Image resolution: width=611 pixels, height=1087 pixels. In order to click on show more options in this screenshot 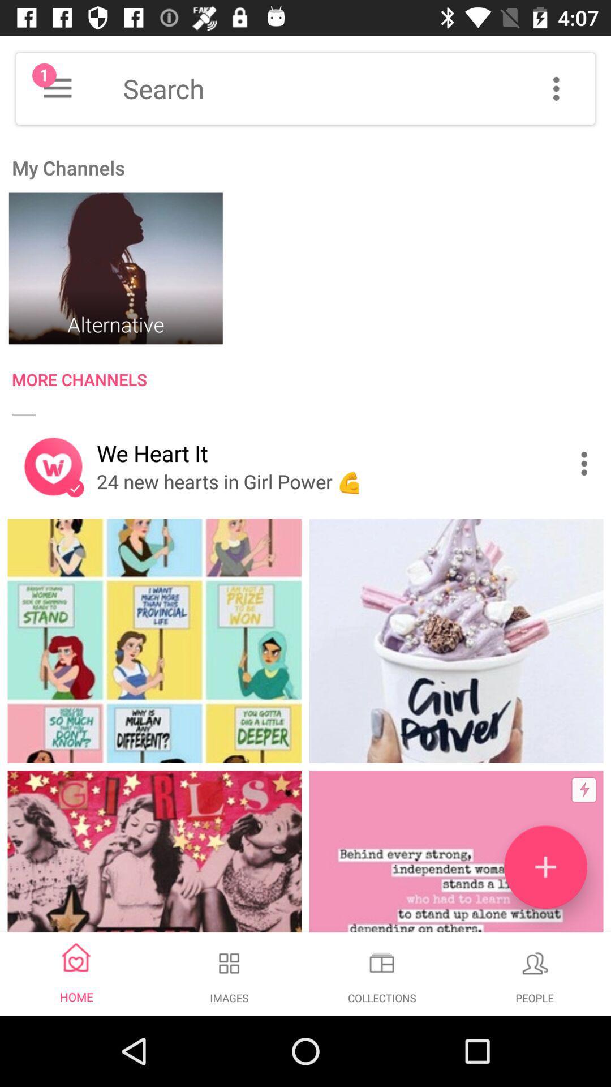, I will do `click(556, 88)`.